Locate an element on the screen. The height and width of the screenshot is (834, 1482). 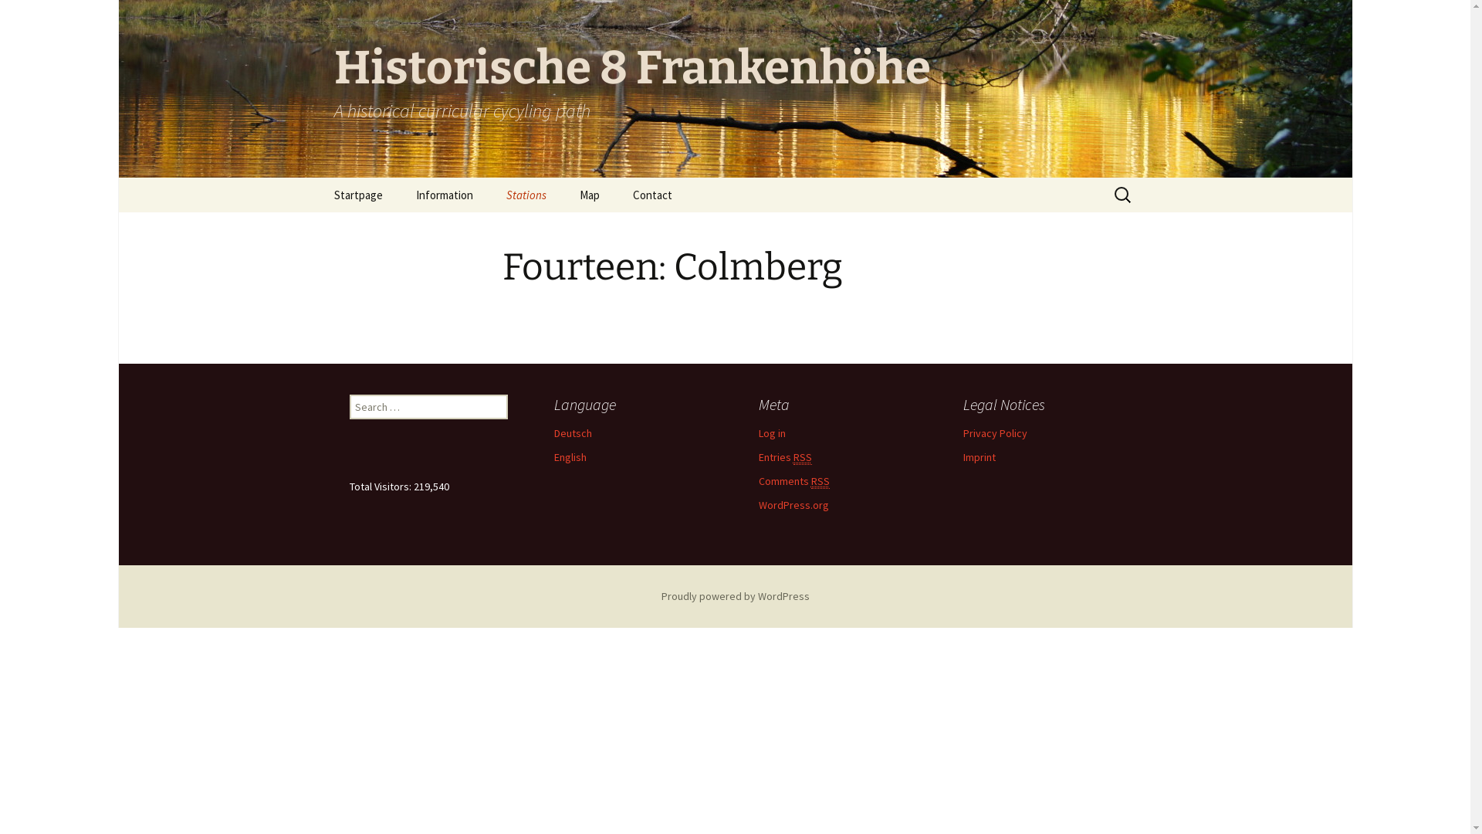
'Entries RSS' is located at coordinates (758, 456).